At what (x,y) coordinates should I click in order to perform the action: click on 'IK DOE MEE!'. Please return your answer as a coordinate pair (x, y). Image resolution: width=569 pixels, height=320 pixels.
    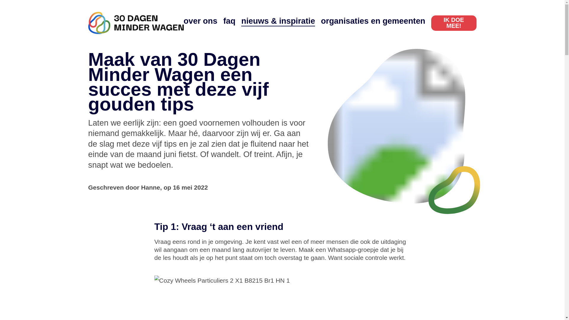
    Looking at the image, I should click on (431, 23).